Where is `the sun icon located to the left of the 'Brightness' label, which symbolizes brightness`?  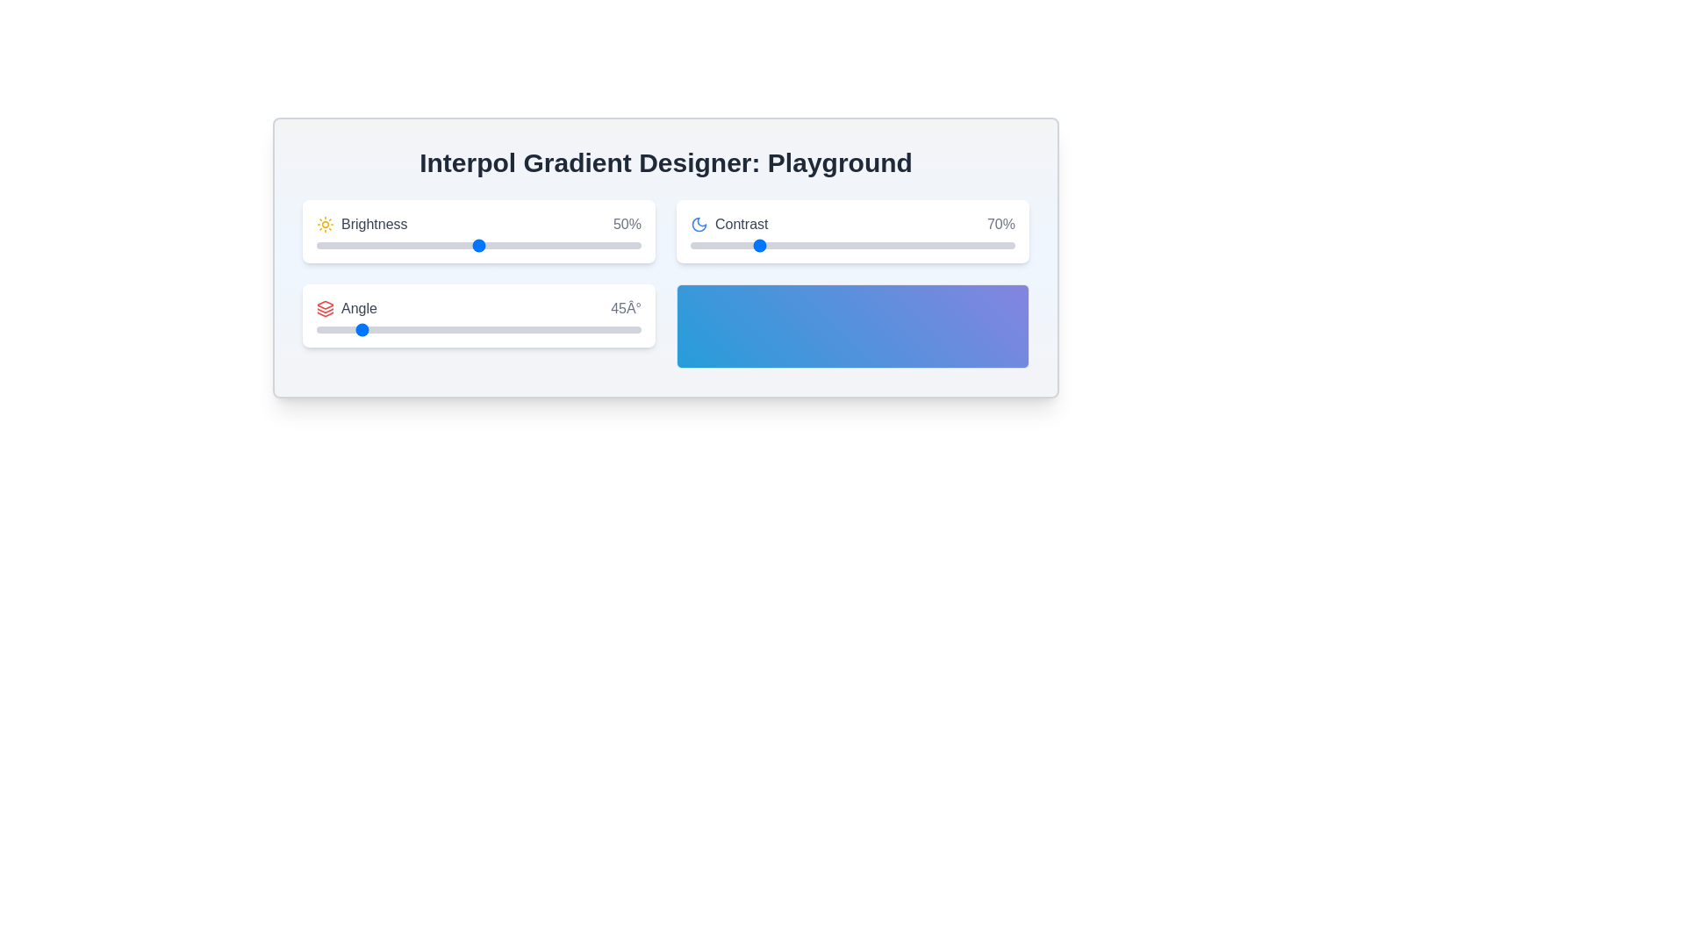
the sun icon located to the left of the 'Brightness' label, which symbolizes brightness is located at coordinates (325, 223).